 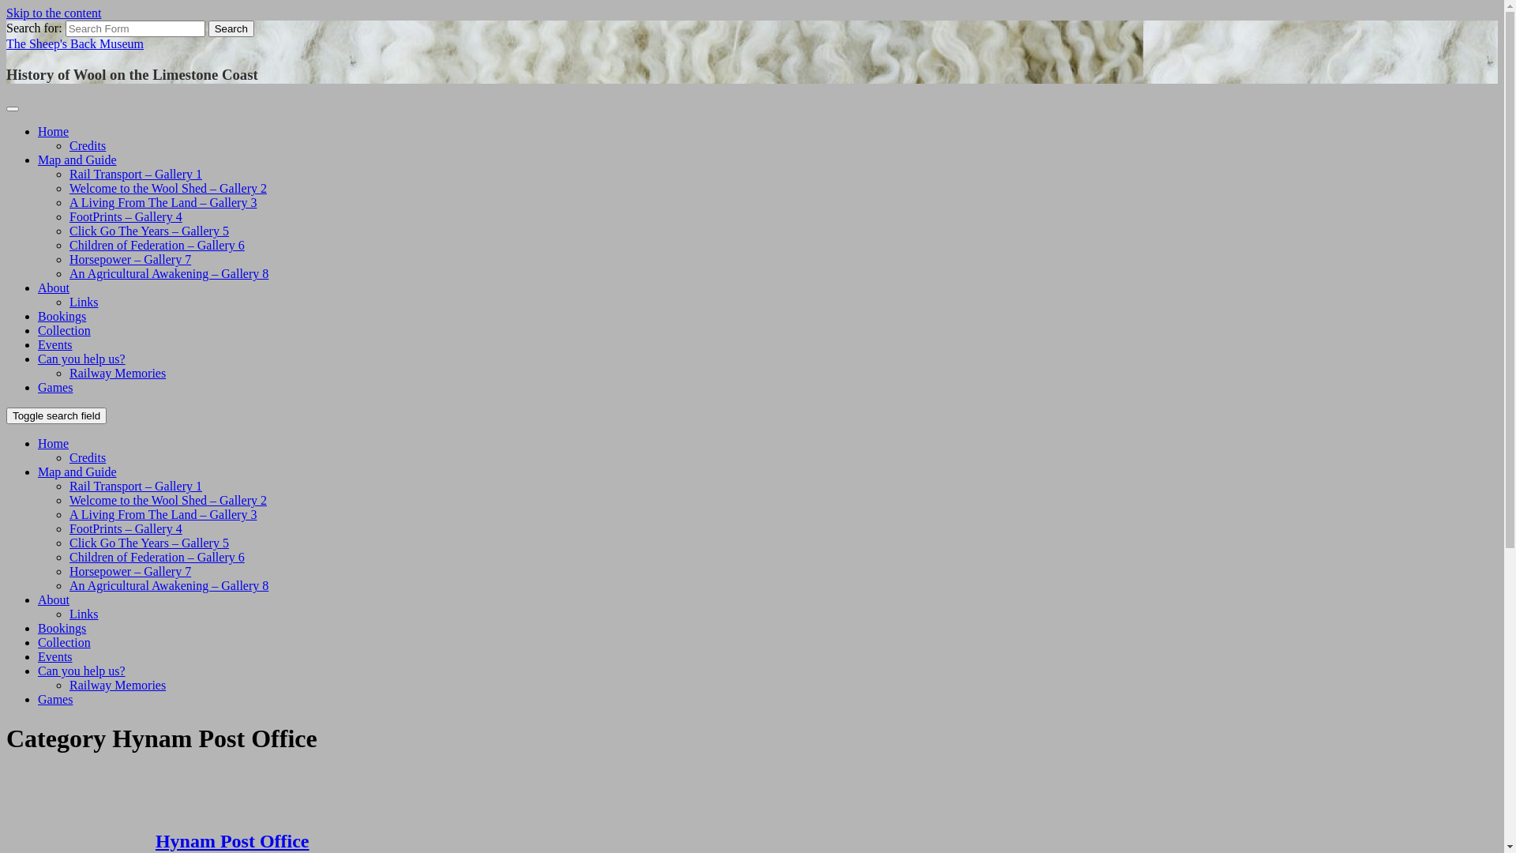 I want to click on 'Home', so click(x=53, y=130).